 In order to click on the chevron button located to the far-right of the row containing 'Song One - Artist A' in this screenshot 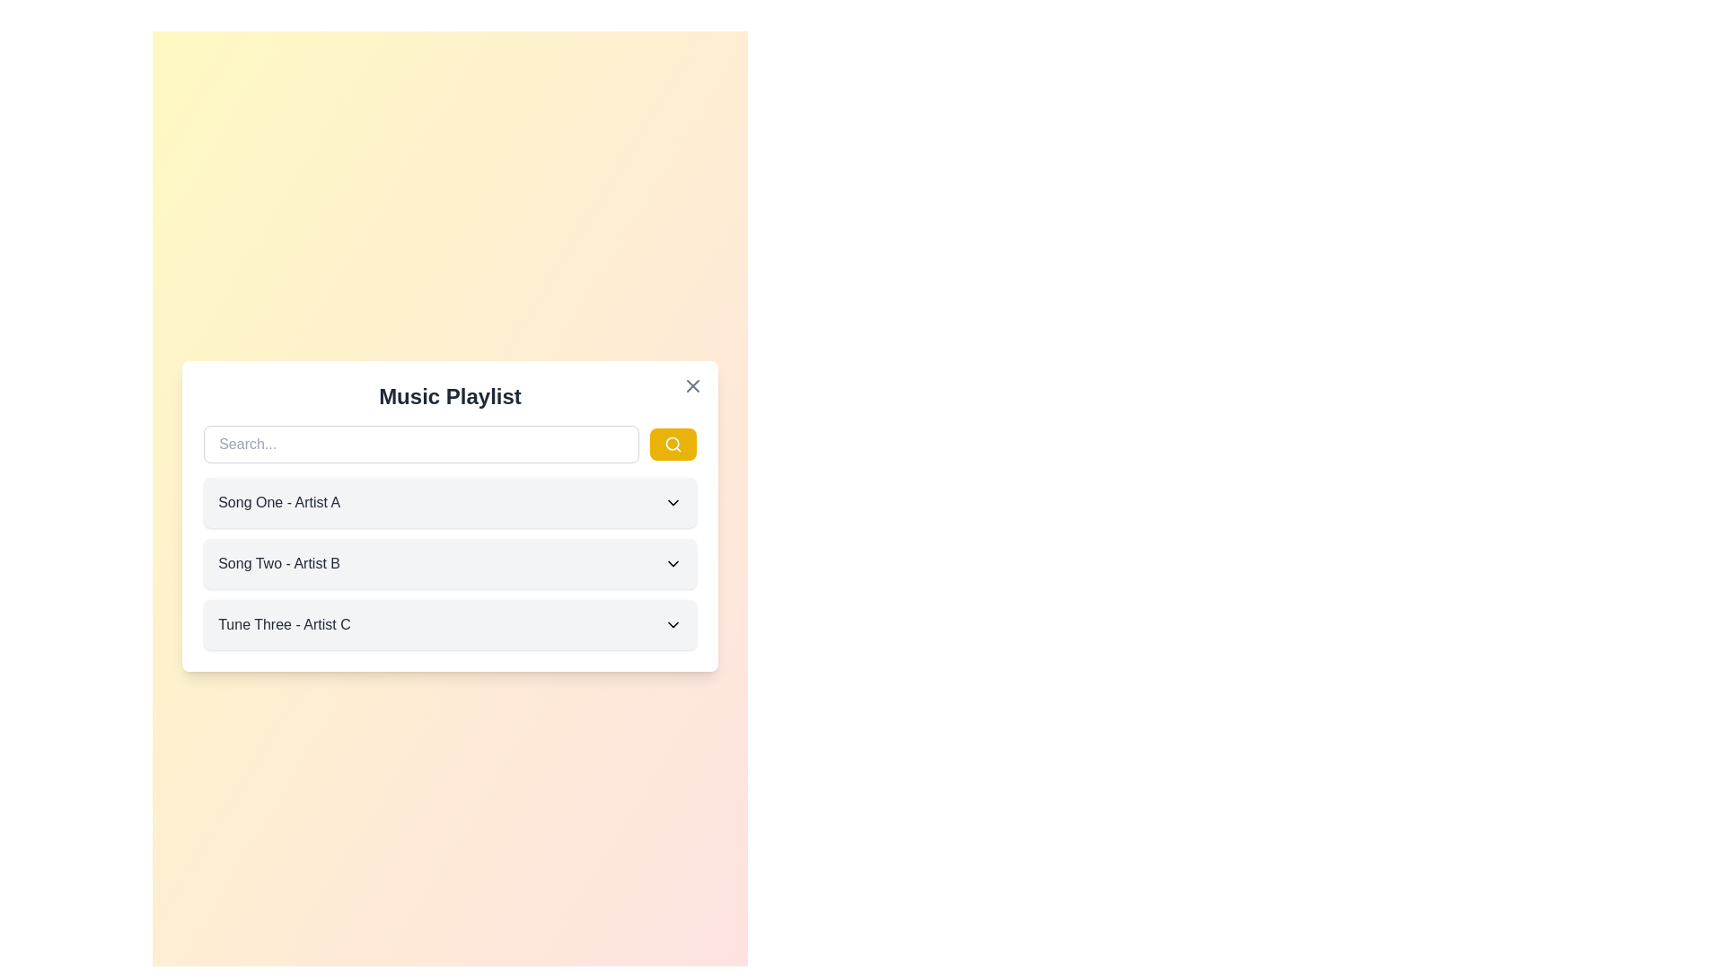, I will do `click(672, 502)`.